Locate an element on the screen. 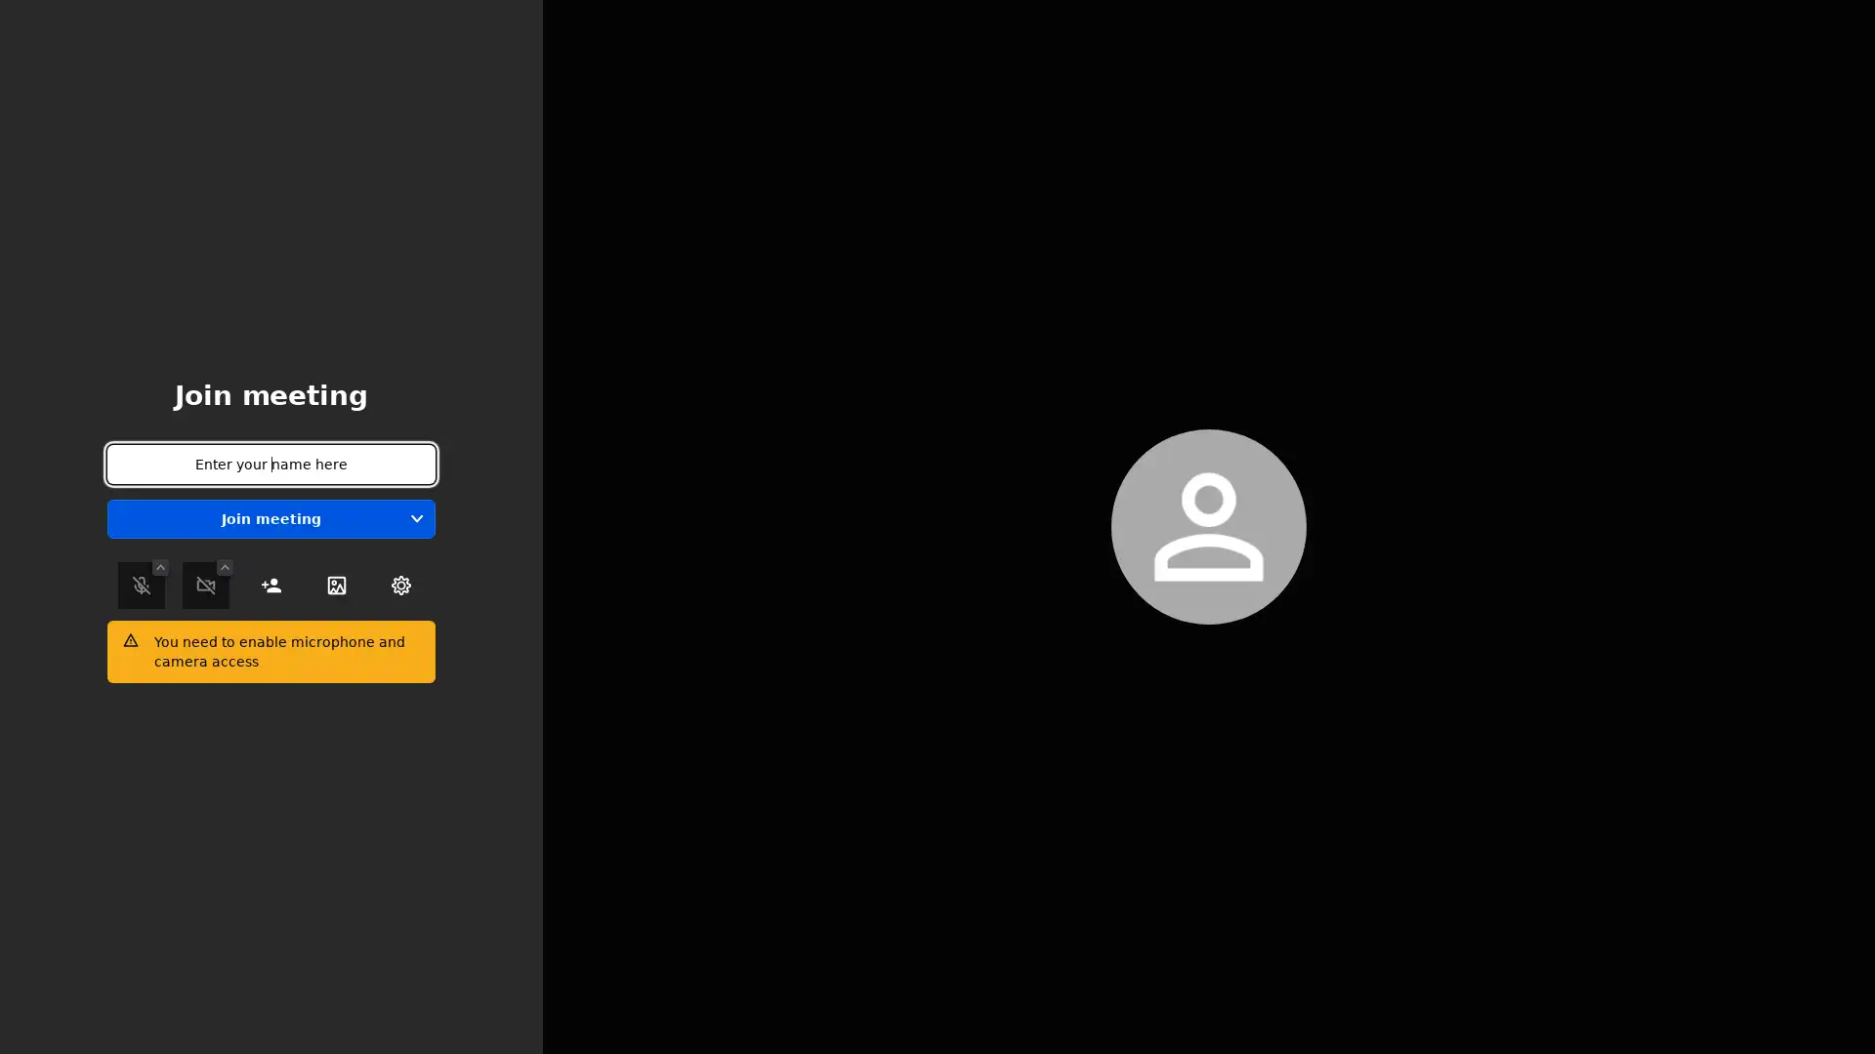 The height and width of the screenshot is (1054, 1875). Invite people is located at coordinates (270, 585).